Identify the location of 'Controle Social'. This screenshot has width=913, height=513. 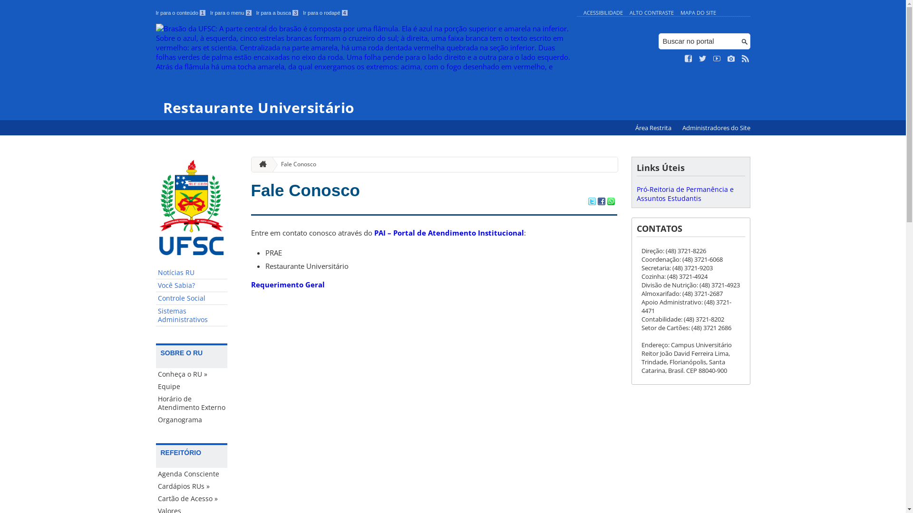
(155, 298).